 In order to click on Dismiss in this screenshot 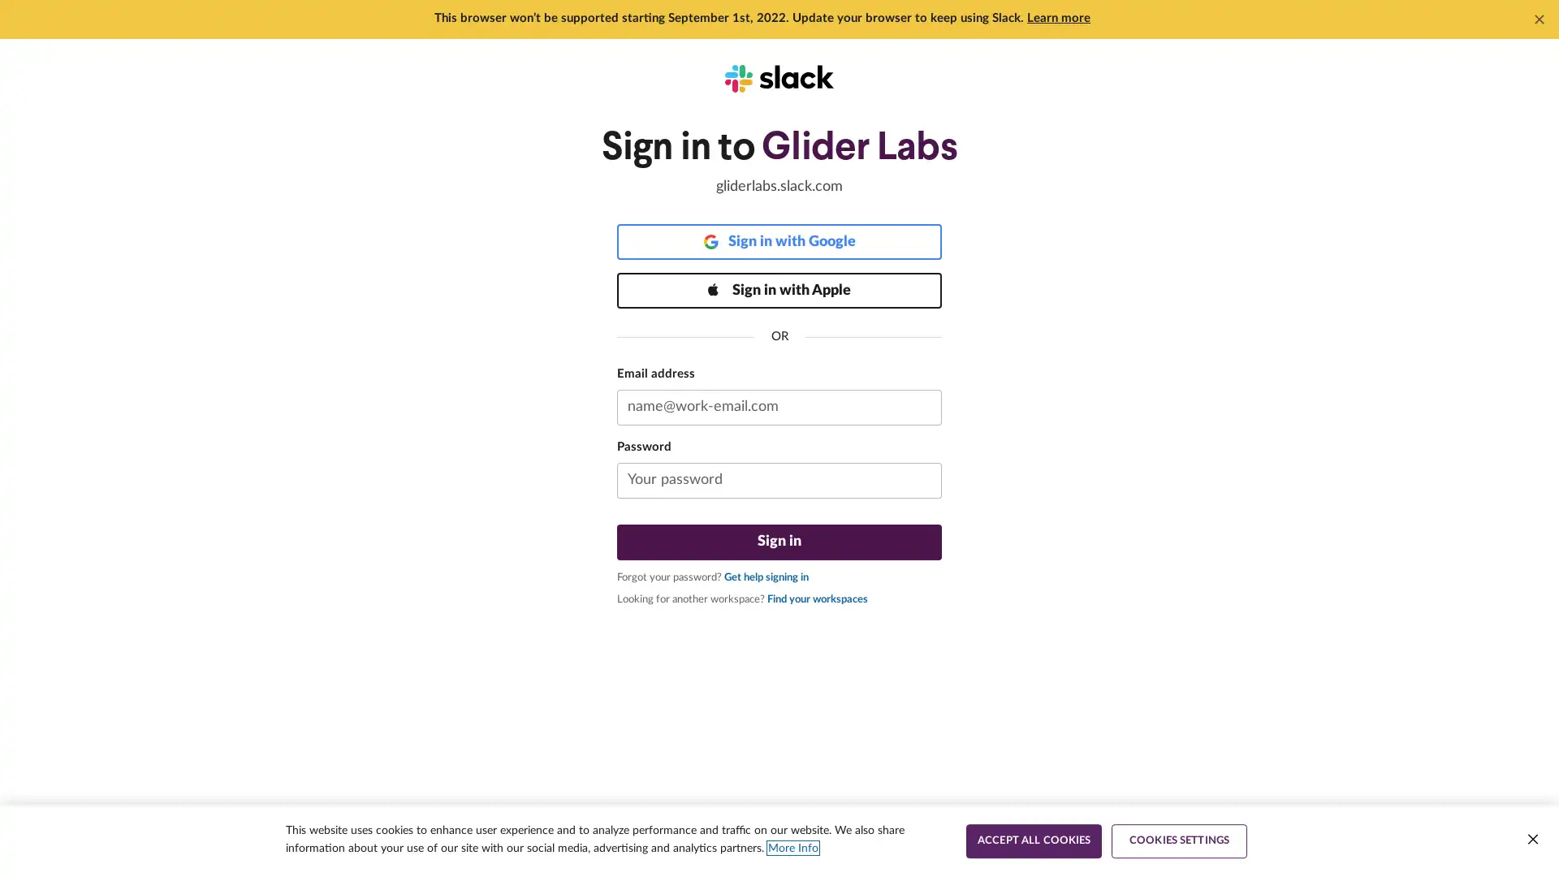, I will do `click(1539, 19)`.